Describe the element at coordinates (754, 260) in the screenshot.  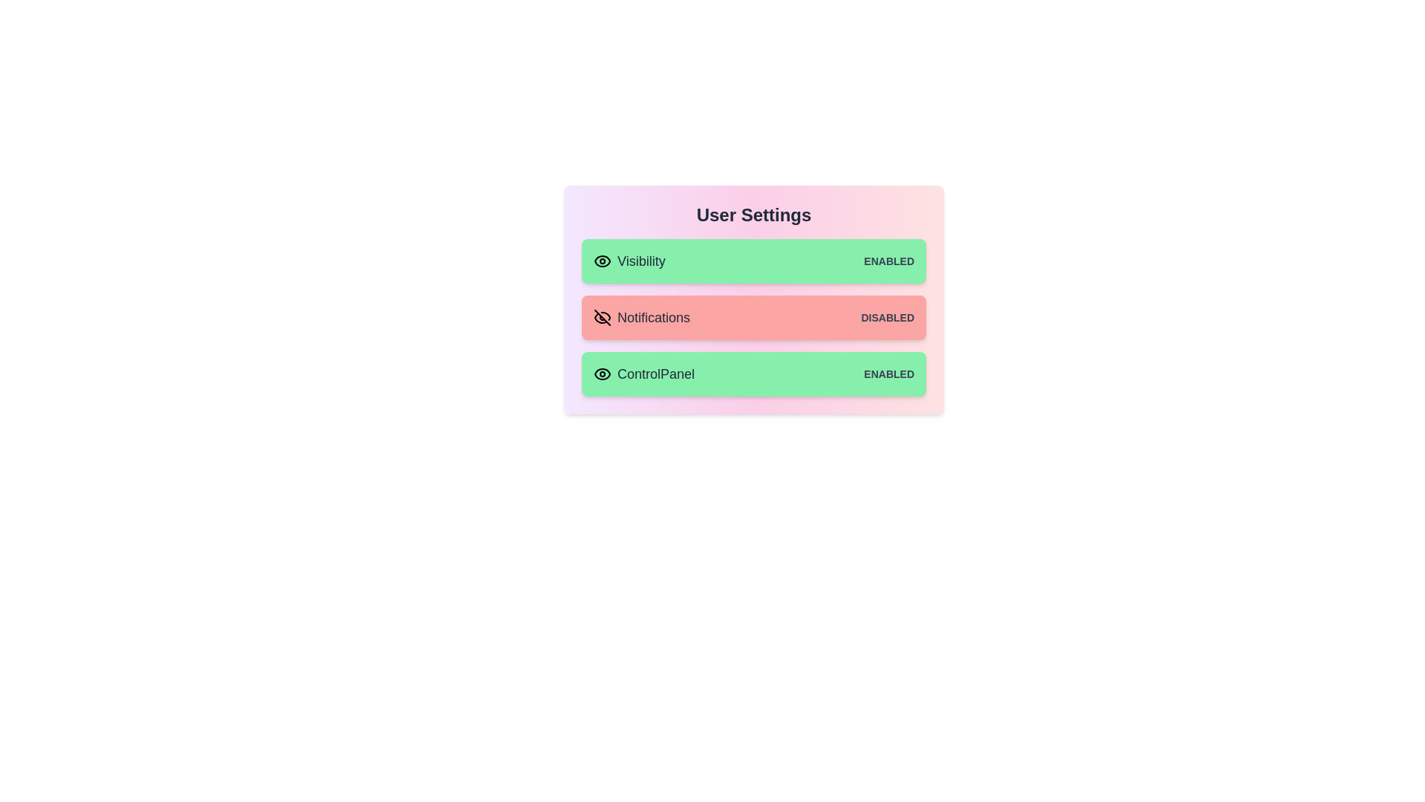
I see `the item corresponding to Visibility to observe its hover effect` at that location.